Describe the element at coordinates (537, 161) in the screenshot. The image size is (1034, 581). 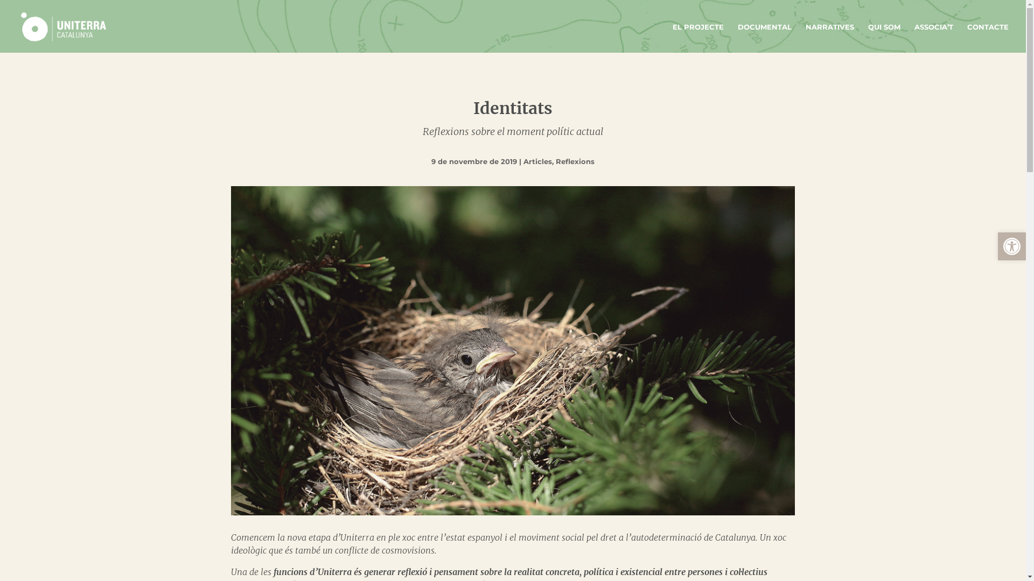
I see `'Articles'` at that location.